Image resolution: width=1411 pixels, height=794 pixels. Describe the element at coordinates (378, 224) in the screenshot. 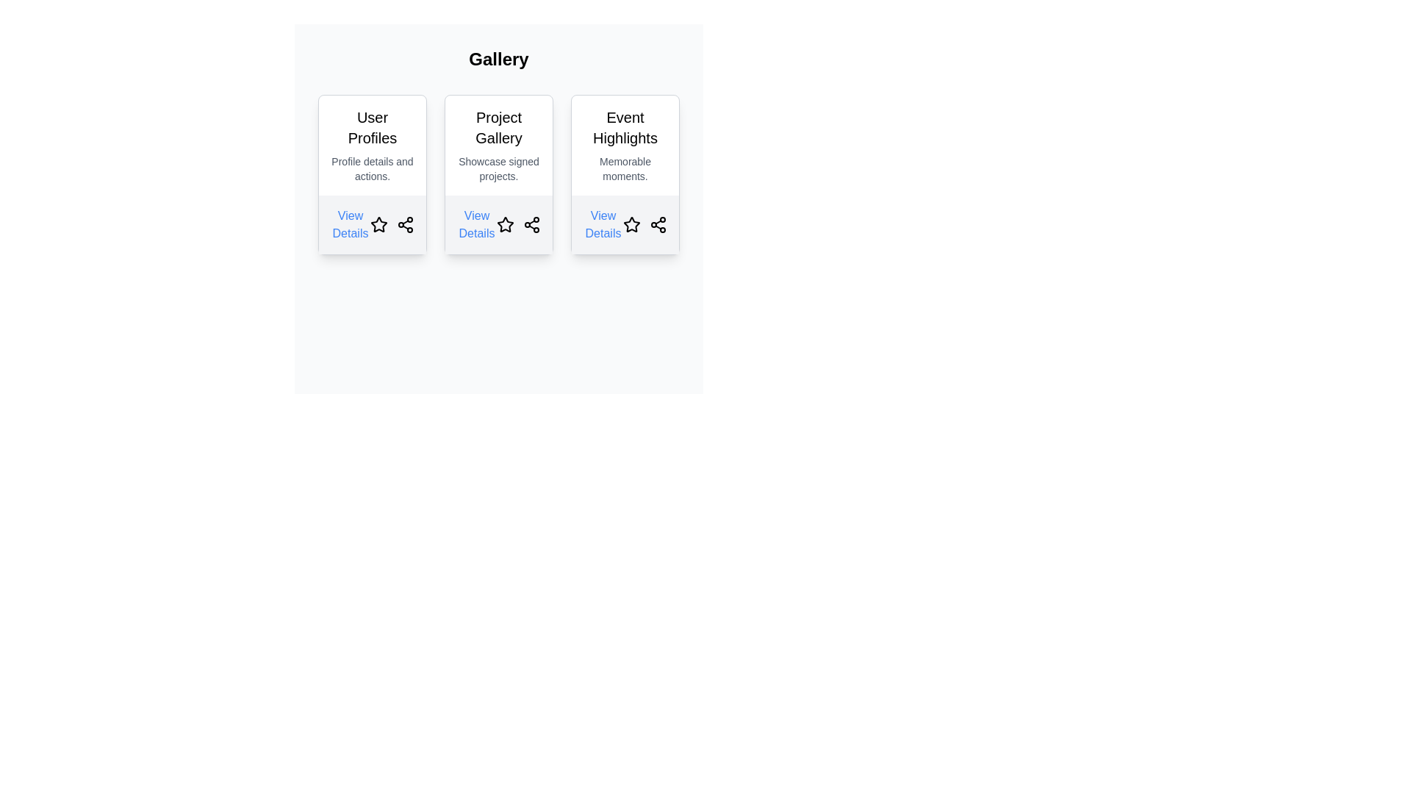

I see `the five-pointed star icon button, which is located at the bottom section of the 'User Profiles' card, positioned between the 'View Details' text link and a share icon` at that location.